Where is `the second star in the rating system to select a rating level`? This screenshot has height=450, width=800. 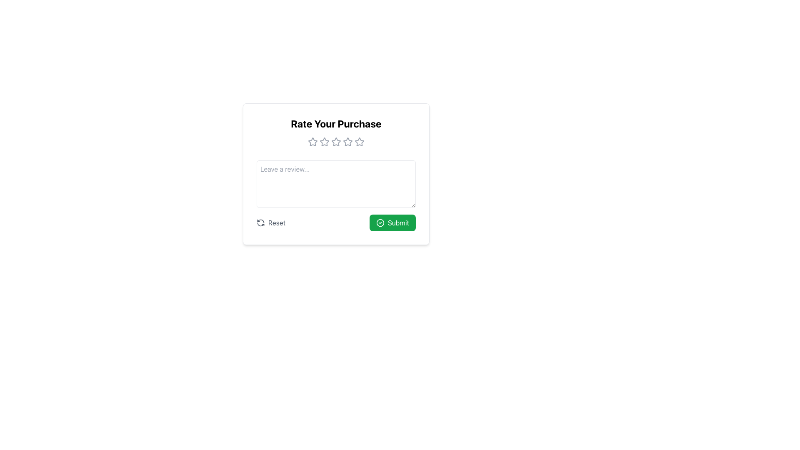 the second star in the rating system to select a rating level is located at coordinates (323, 141).